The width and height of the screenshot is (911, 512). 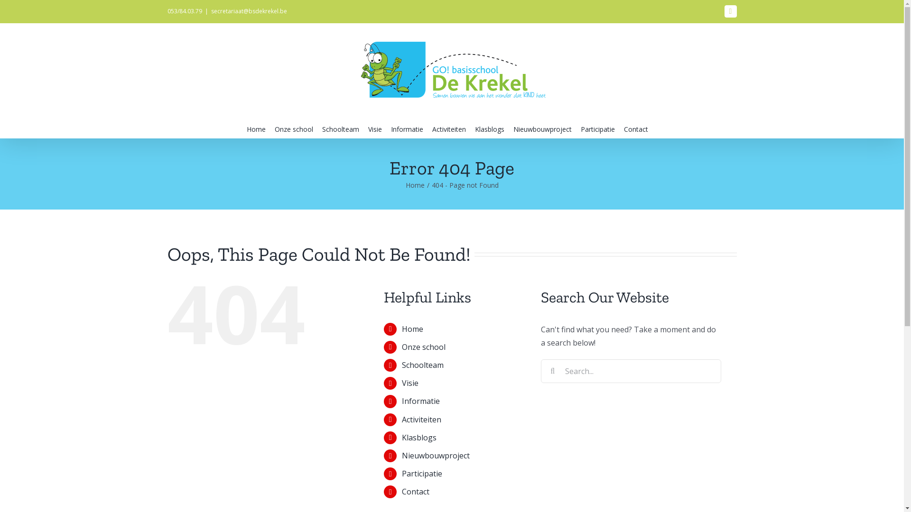 What do you see at coordinates (418, 437) in the screenshot?
I see `'Klasblogs'` at bounding box center [418, 437].